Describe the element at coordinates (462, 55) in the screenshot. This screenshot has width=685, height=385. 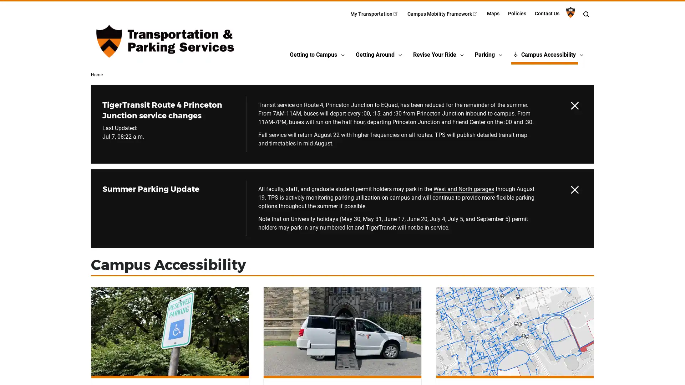
I see `Revise Your RideSubmenu` at that location.